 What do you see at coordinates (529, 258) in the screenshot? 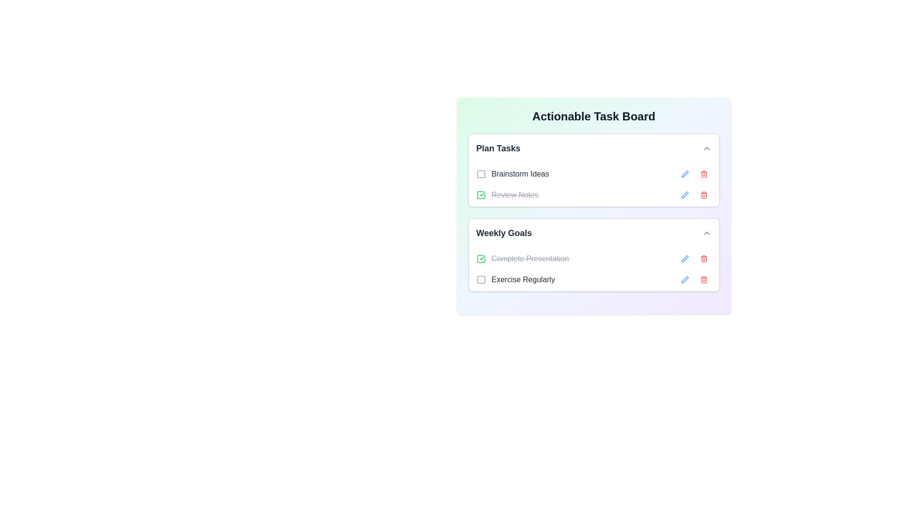
I see `the text label displaying 'Complete Presentation' in the 'Weekly Goals' section of the 'Actionable Task Board', which has a line-through style indicating completion` at bounding box center [529, 258].